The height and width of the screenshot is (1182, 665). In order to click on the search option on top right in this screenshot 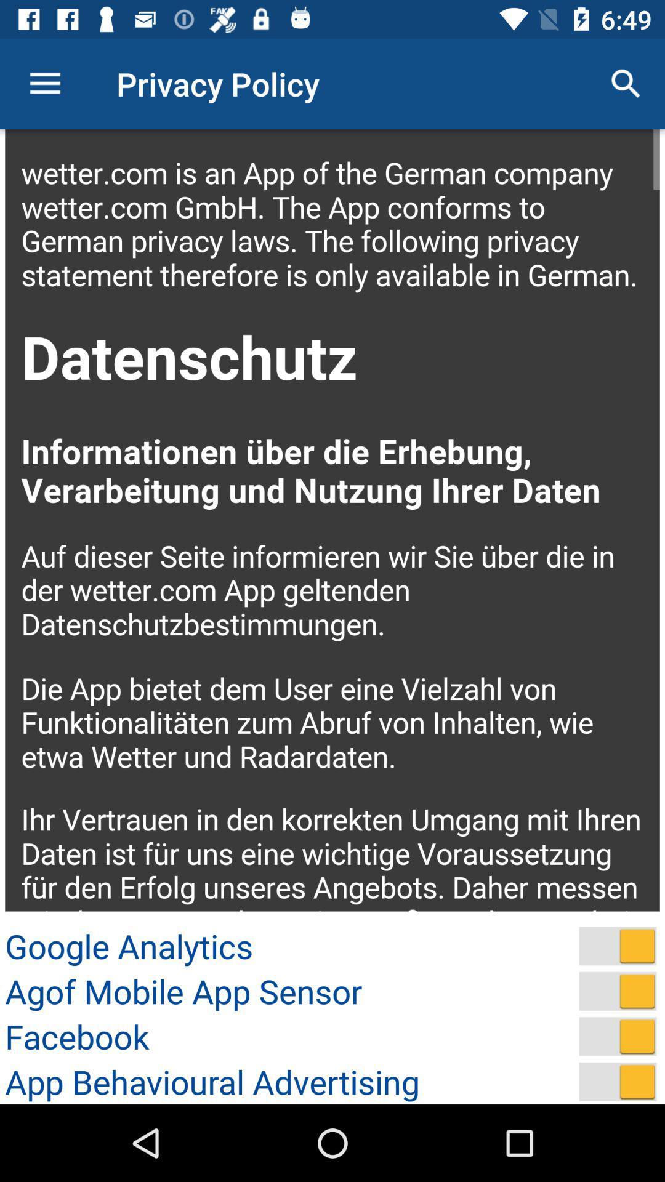, I will do `click(626, 84)`.